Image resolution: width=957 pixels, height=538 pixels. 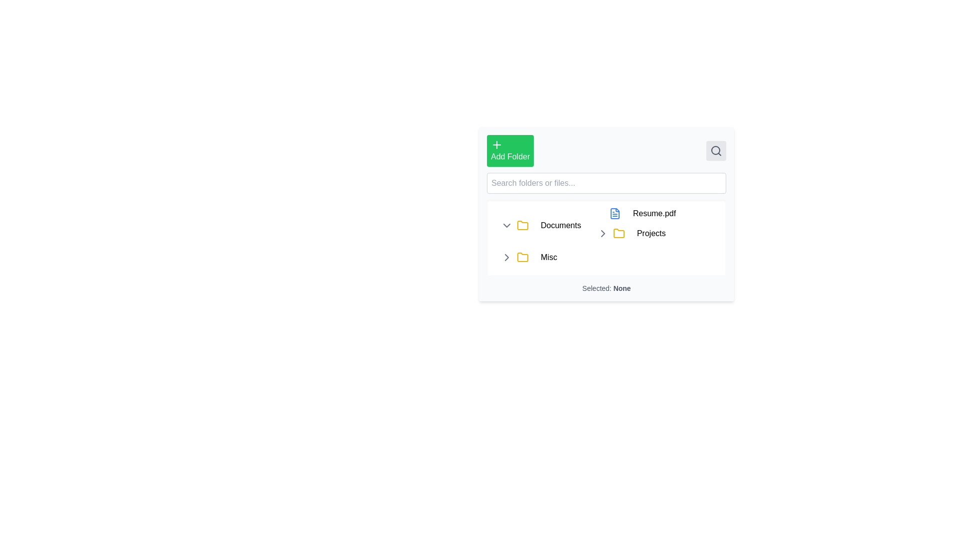 I want to click on the 'Projects' folder element located under the 'Documents' section, so click(x=638, y=234).